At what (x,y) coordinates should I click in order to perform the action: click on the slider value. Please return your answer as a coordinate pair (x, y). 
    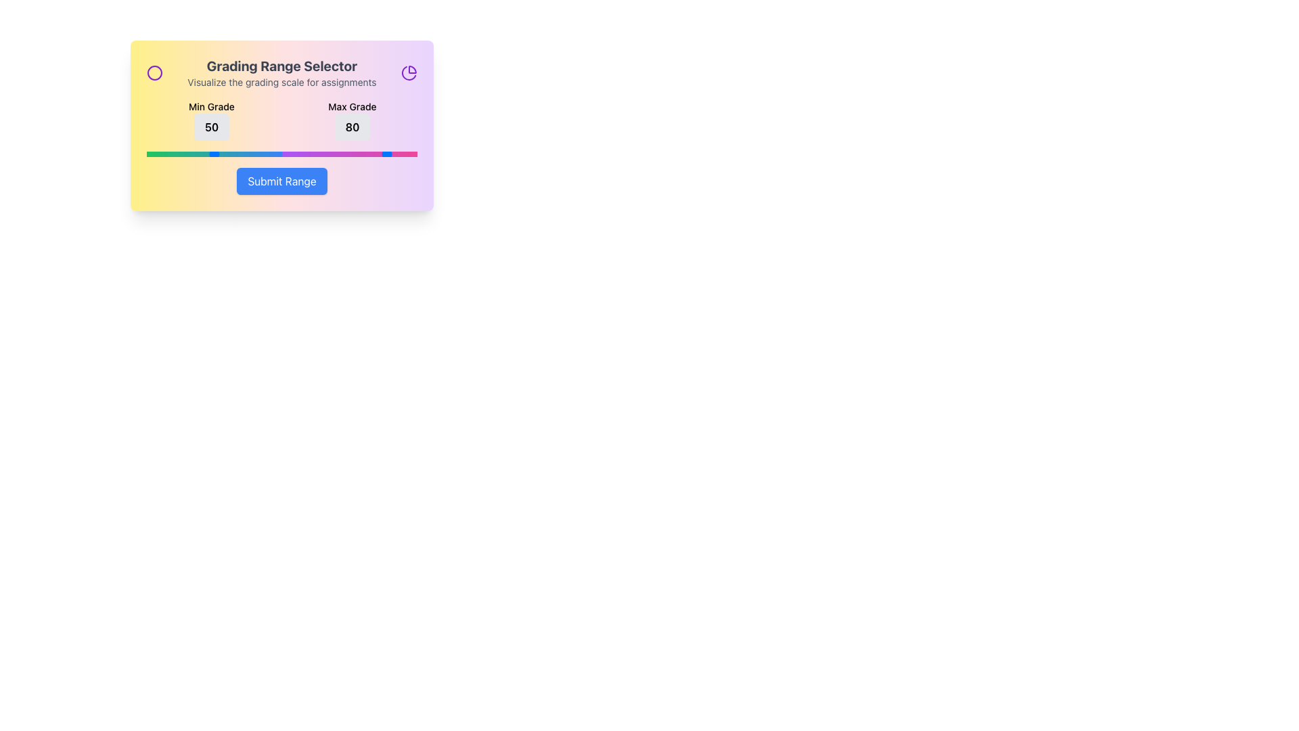
    Looking at the image, I should click on (196, 153).